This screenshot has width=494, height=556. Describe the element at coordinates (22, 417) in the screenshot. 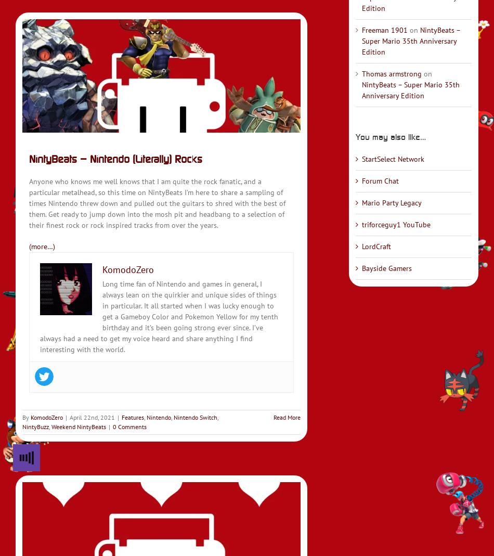

I see `'By'` at that location.